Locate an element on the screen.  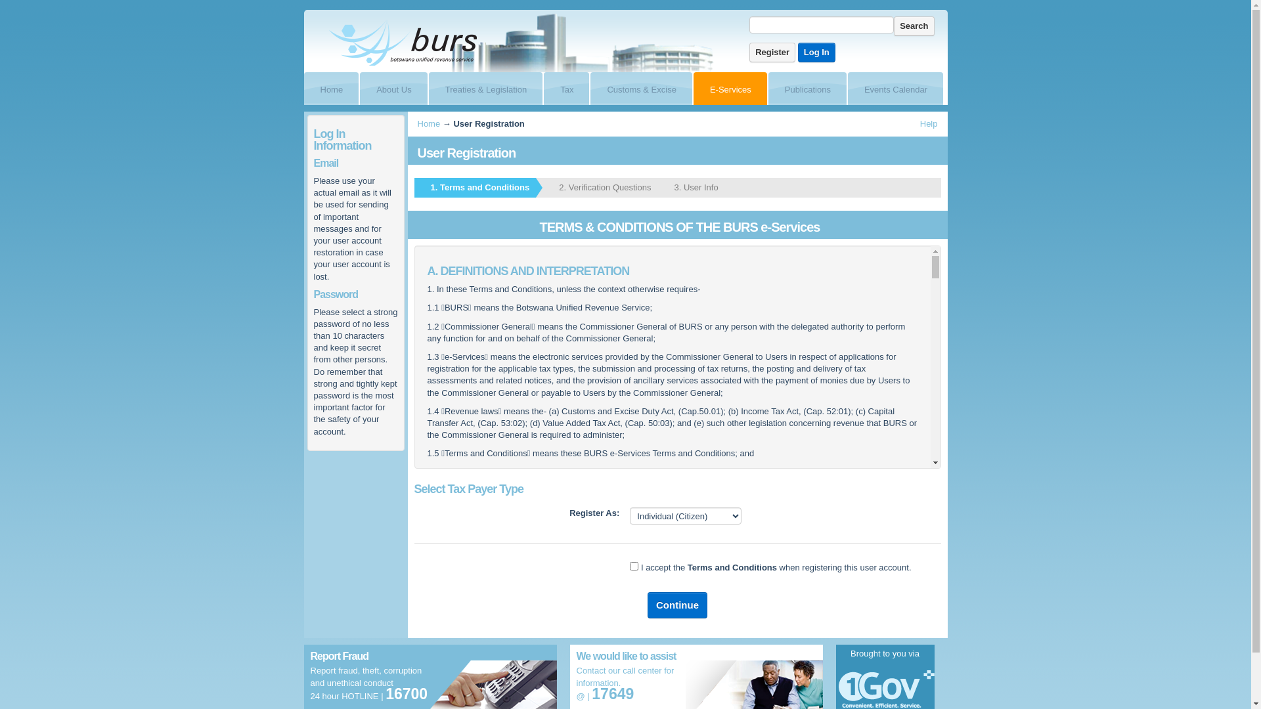
'Continue' is located at coordinates (677, 605).